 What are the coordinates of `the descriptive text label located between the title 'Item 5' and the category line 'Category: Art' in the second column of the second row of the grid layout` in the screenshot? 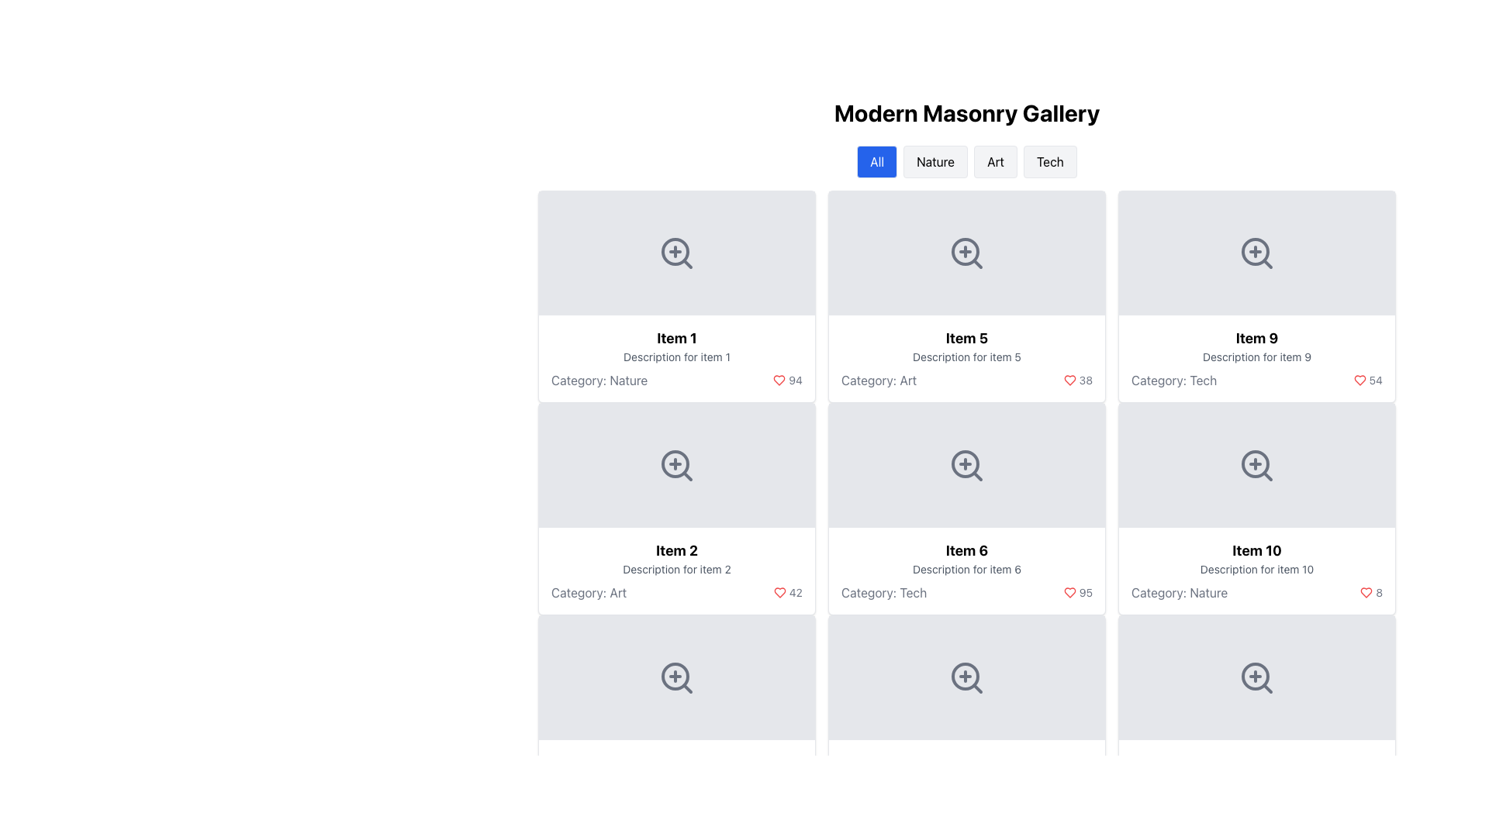 It's located at (966, 357).